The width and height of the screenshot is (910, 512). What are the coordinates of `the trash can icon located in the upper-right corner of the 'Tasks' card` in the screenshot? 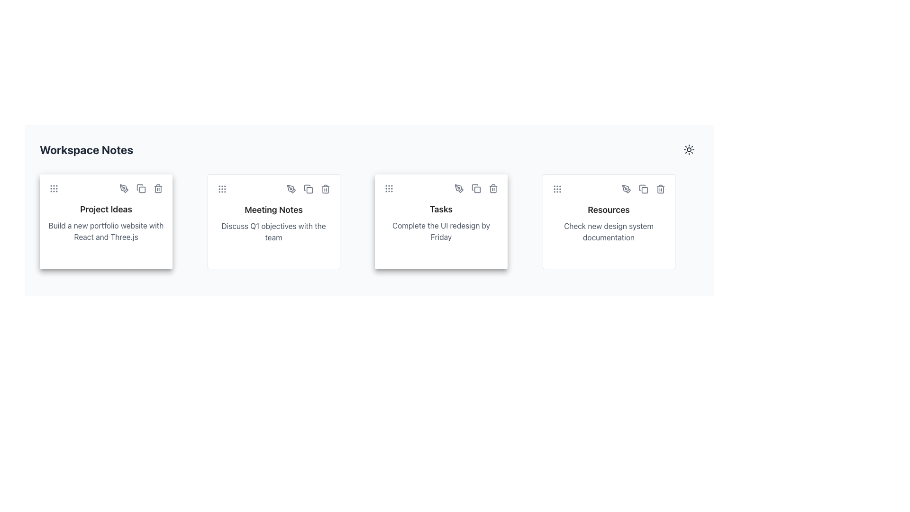 It's located at (493, 188).